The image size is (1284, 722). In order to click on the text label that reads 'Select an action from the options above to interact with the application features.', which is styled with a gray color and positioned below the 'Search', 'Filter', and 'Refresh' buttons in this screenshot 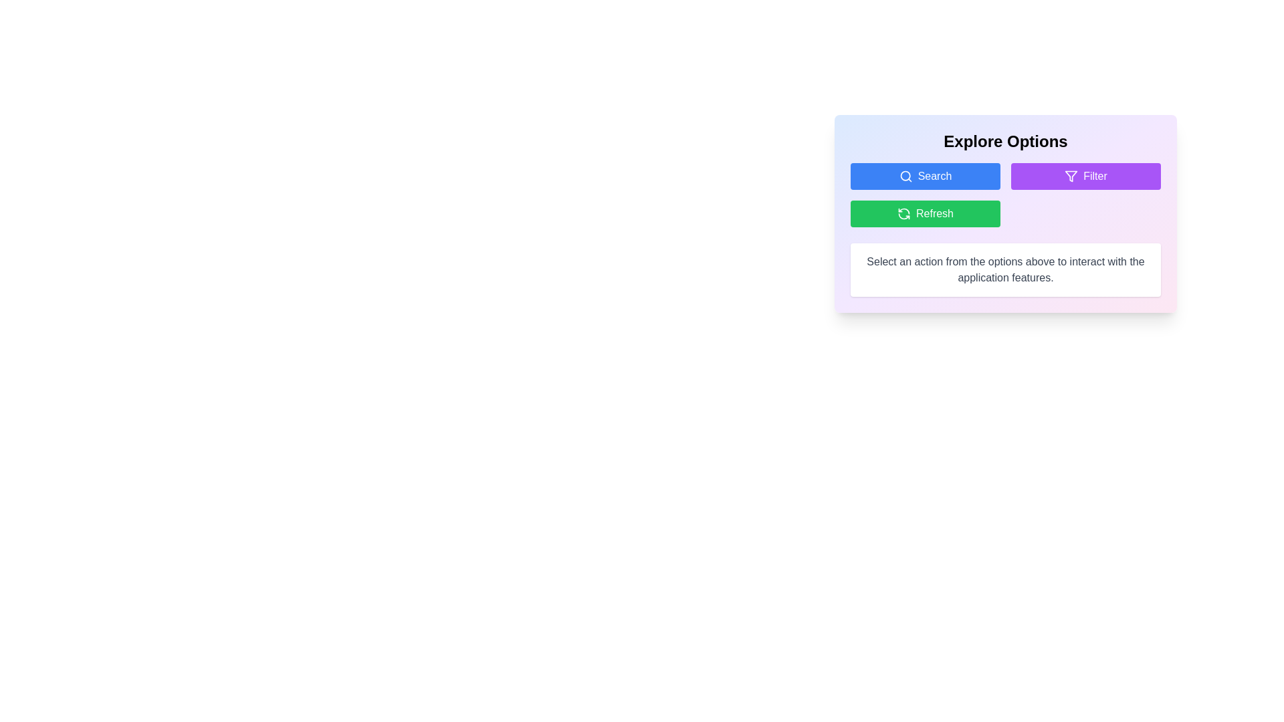, I will do `click(1005, 270)`.